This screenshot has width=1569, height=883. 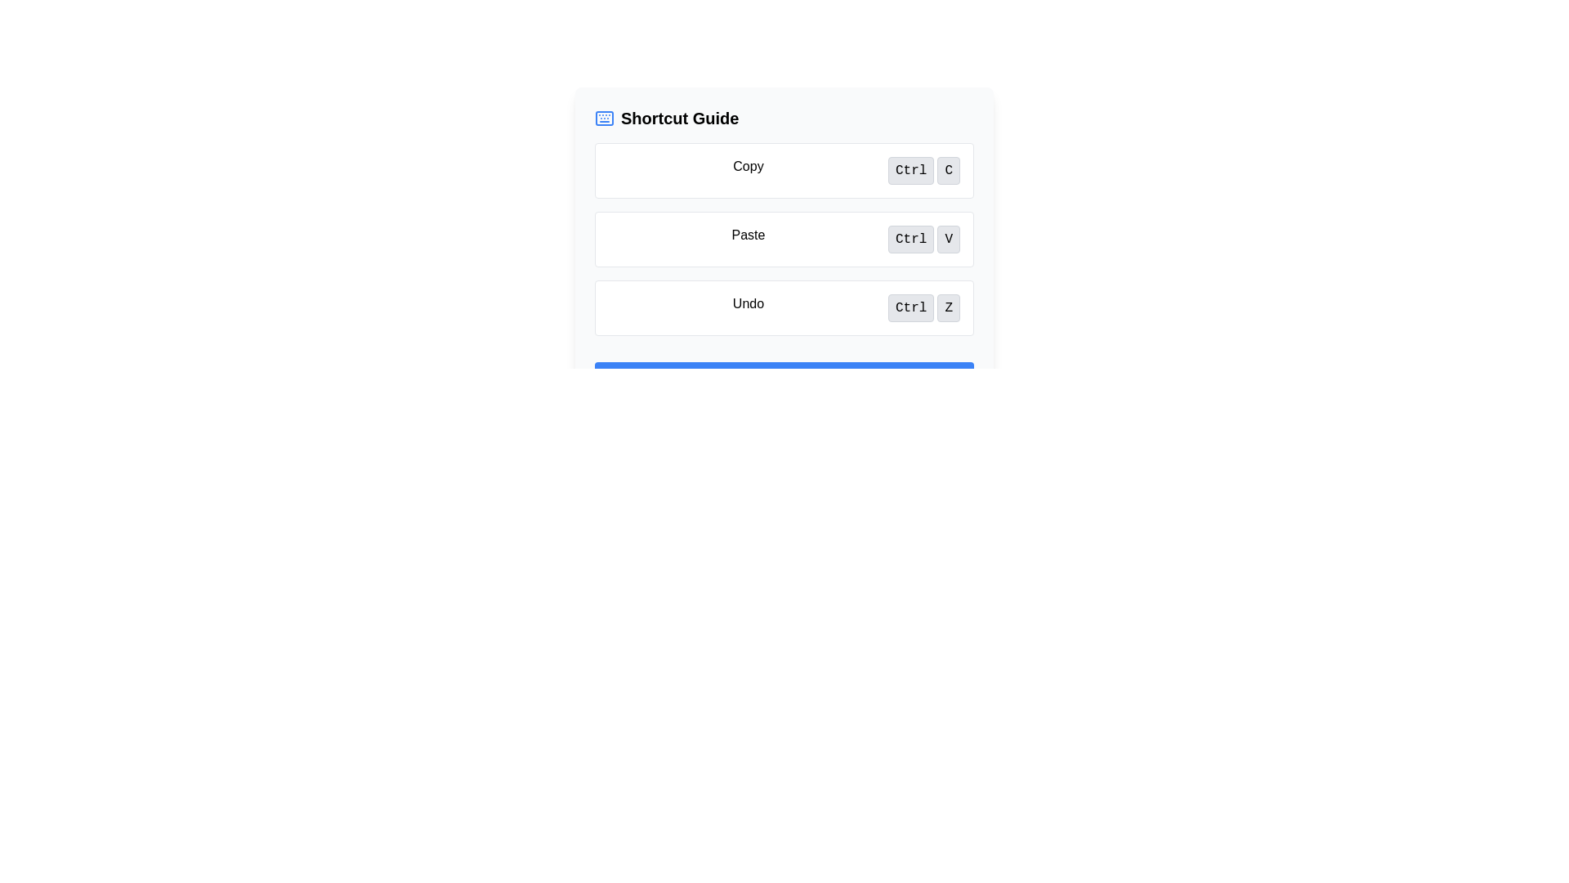 What do you see at coordinates (603, 118) in the screenshot?
I see `the icon representing the 'Shortcut Guide' section, which is located on the far left of its title header` at bounding box center [603, 118].